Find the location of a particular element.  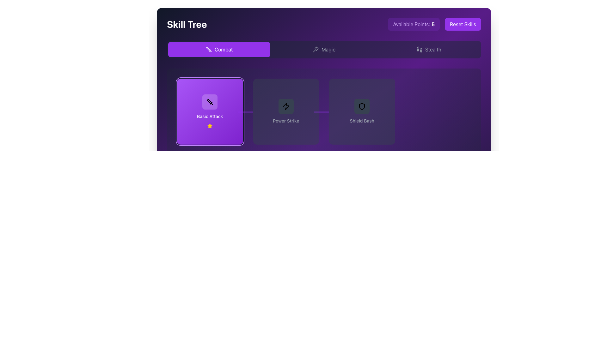

the 'Power Strike' skill icon, which serves as a graphical identifier for the skill is located at coordinates (285, 106).